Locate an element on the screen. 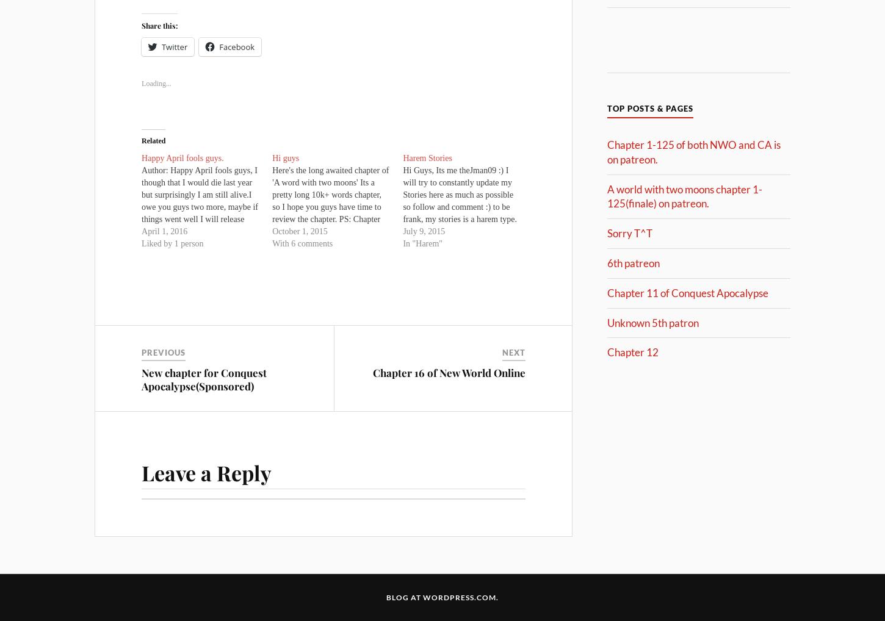 The height and width of the screenshot is (621, 885). 'Previous' is located at coordinates (141, 349).